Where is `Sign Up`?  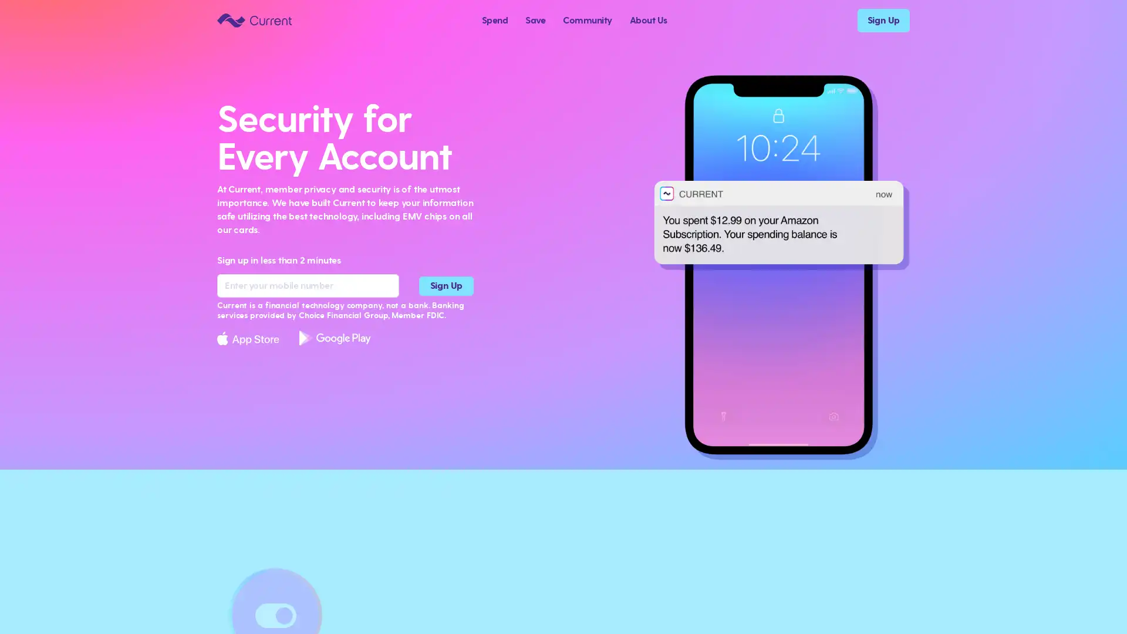
Sign Up is located at coordinates (883, 20).